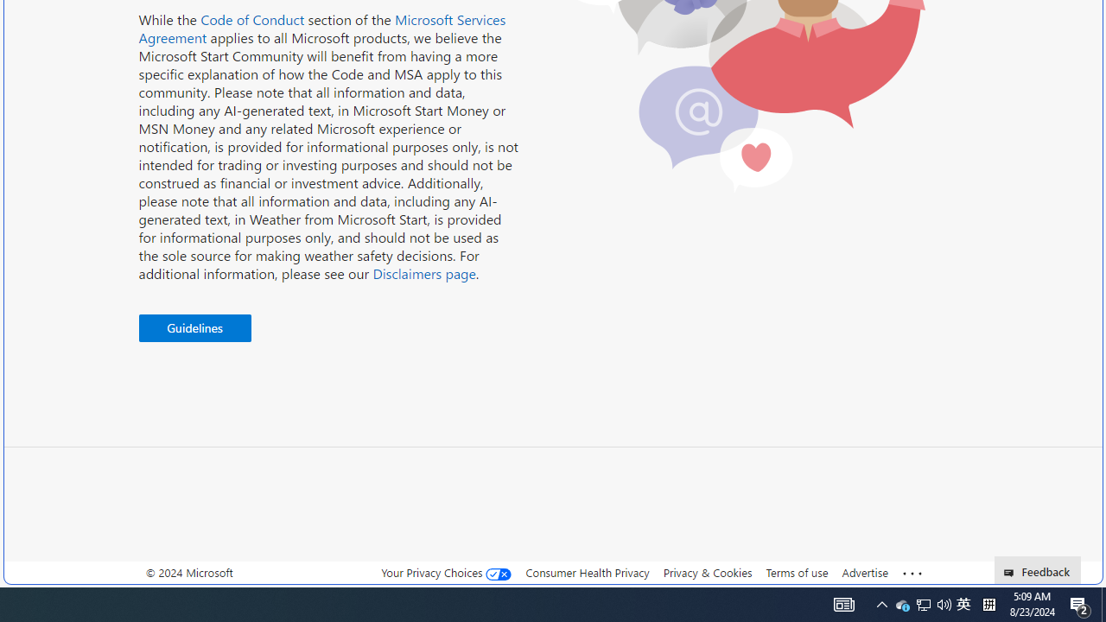 This screenshot has height=622, width=1106. Describe the element at coordinates (864, 573) in the screenshot. I see `'Advertise'` at that location.